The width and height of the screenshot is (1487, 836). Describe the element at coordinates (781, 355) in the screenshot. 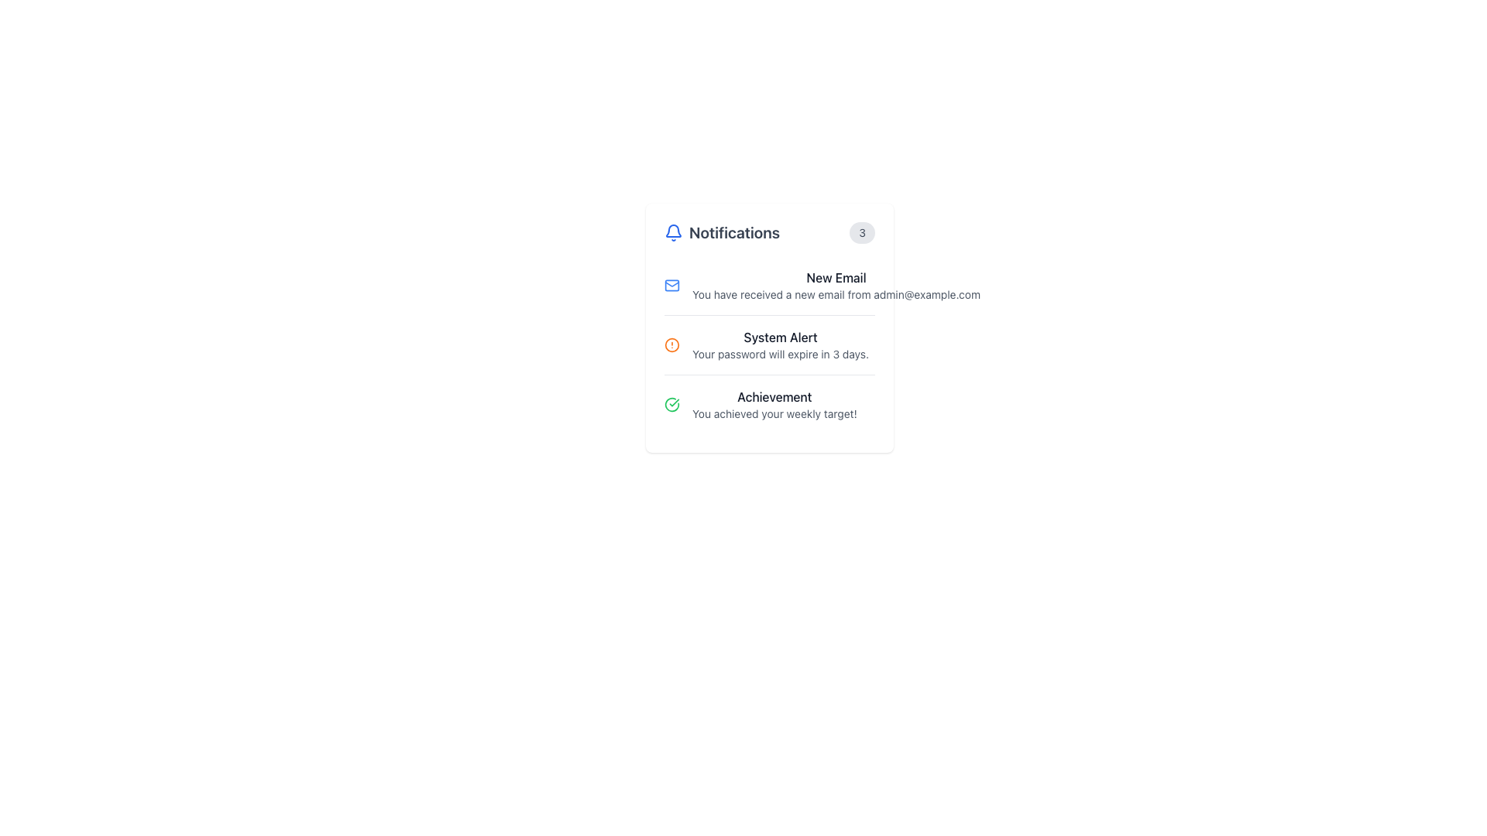

I see `the text label that describes the password expiration alert located directly below the 'System Alert' title in the notifications panel` at that location.